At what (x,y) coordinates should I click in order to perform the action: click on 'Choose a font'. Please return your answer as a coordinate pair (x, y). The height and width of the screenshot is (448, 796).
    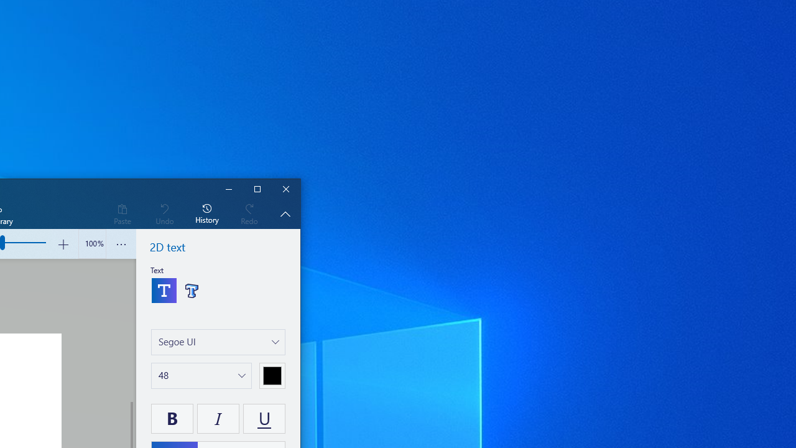
    Looking at the image, I should click on (218, 342).